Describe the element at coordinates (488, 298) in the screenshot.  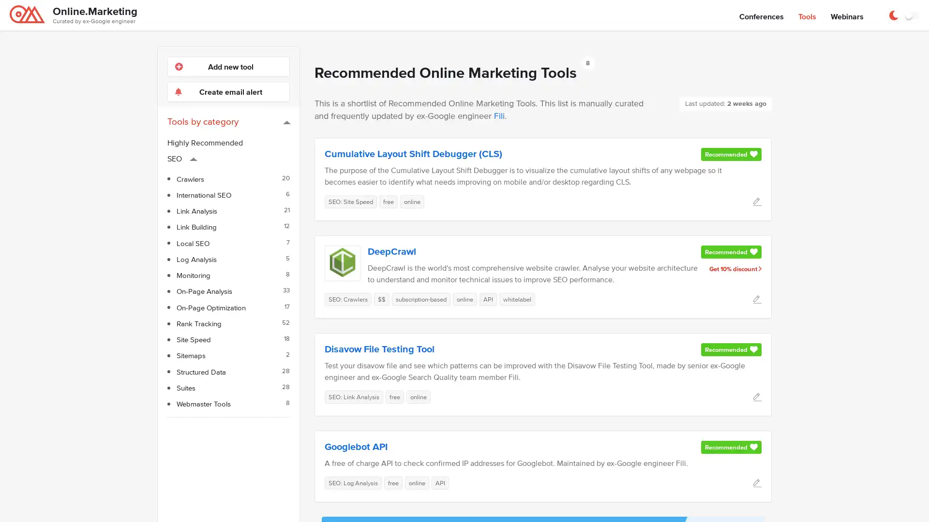
I see `API` at that location.